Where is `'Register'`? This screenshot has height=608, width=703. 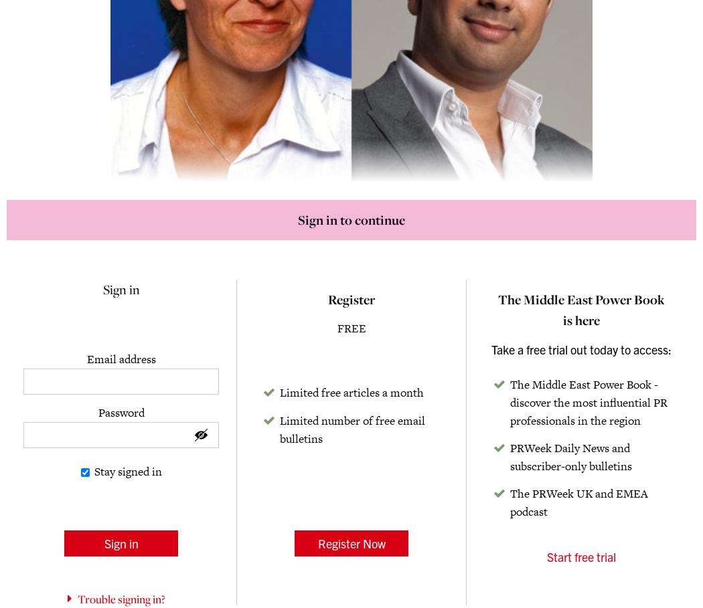 'Register' is located at coordinates (351, 298).